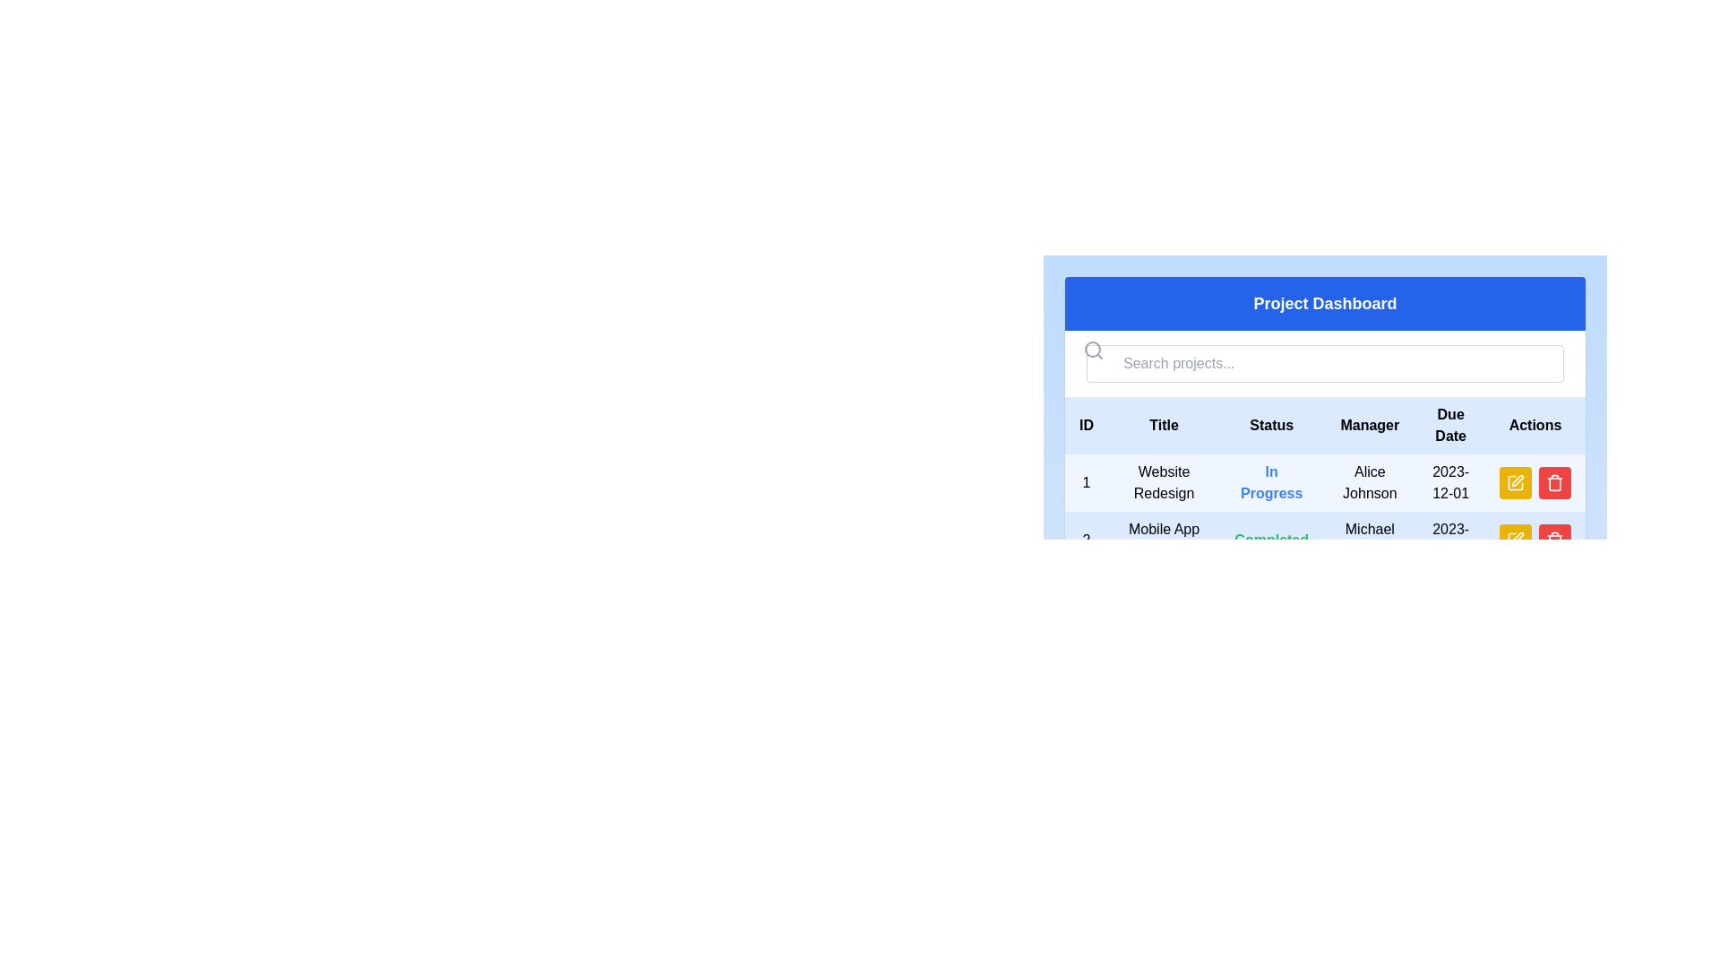 Image resolution: width=1720 pixels, height=968 pixels. Describe the element at coordinates (1325, 303) in the screenshot. I see `the 'Project Dashboard' text header with a vibrant blue background, located at the top of the content section above the search input box` at that location.